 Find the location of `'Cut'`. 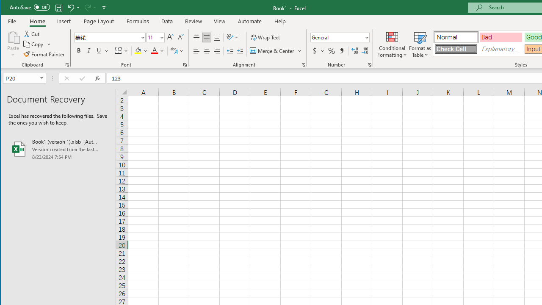

'Cut' is located at coordinates (32, 33).